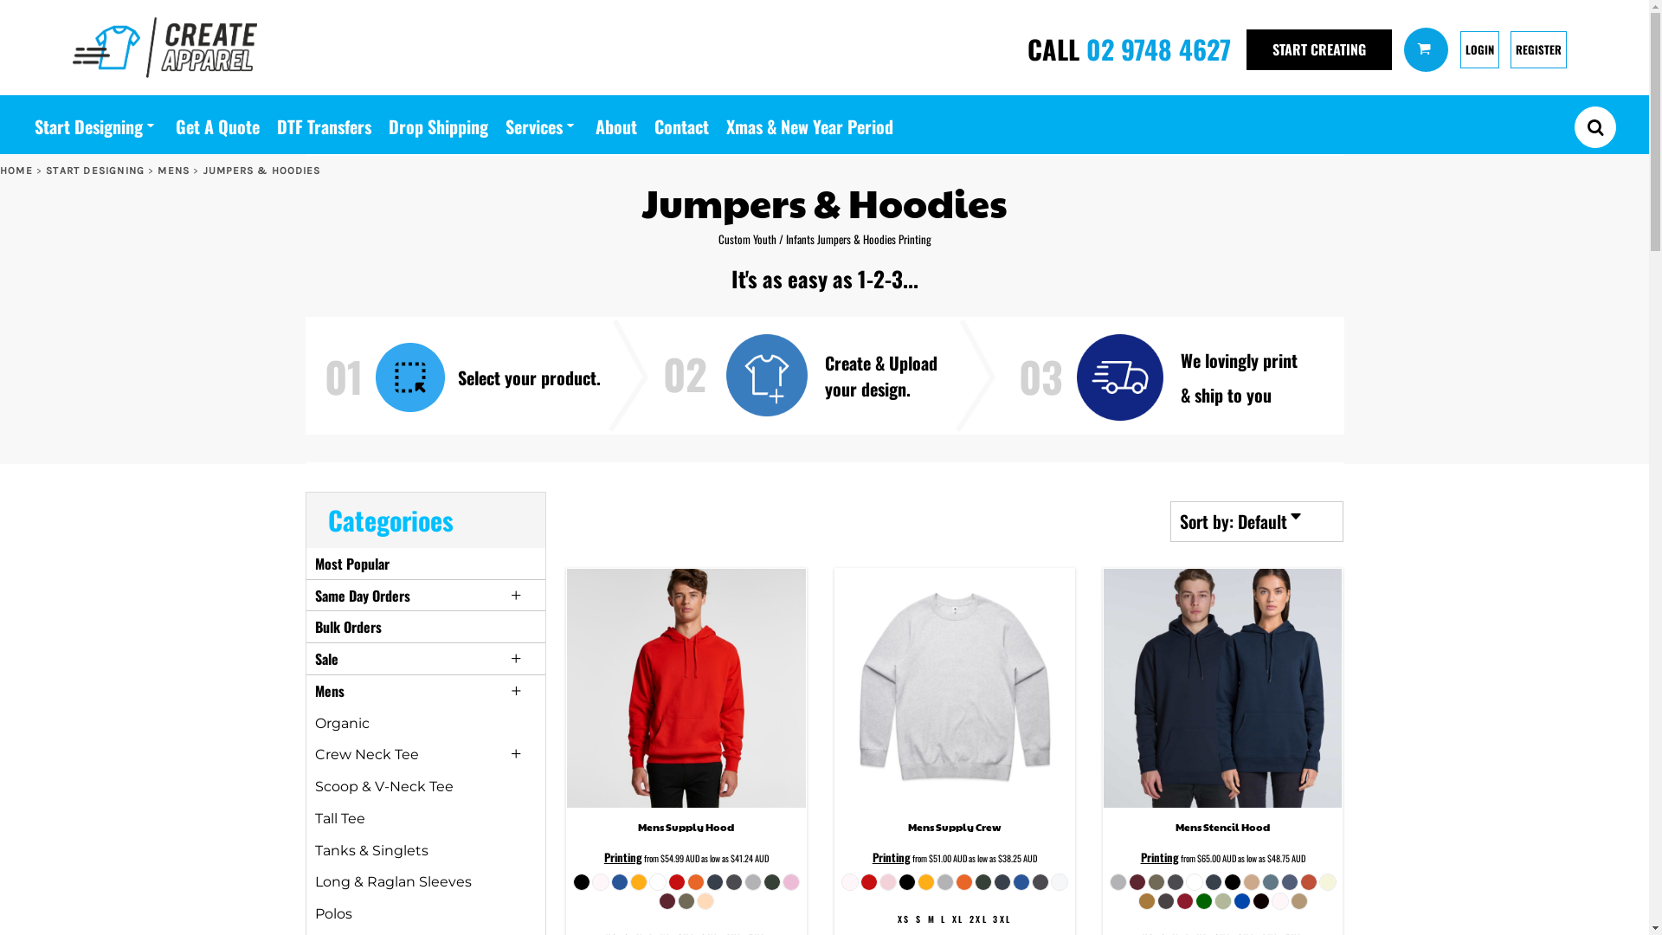  Describe the element at coordinates (315, 658) in the screenshot. I see `'Sale'` at that location.